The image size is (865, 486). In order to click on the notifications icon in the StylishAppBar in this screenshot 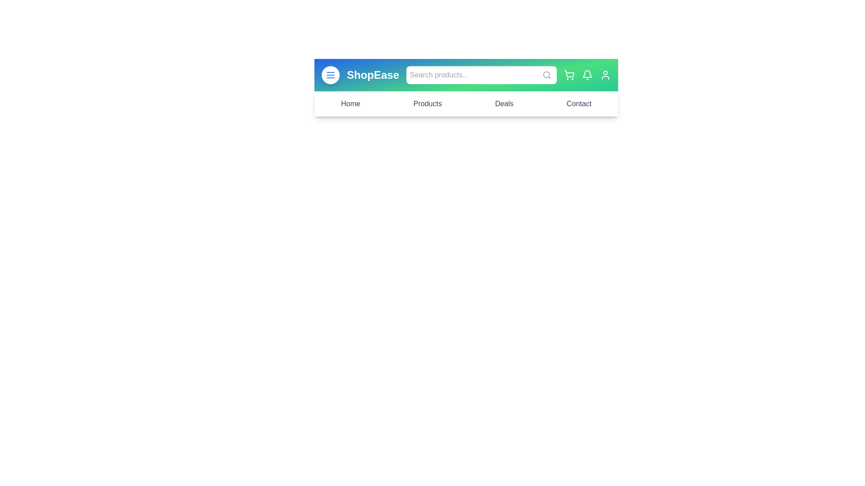, I will do `click(587, 74)`.